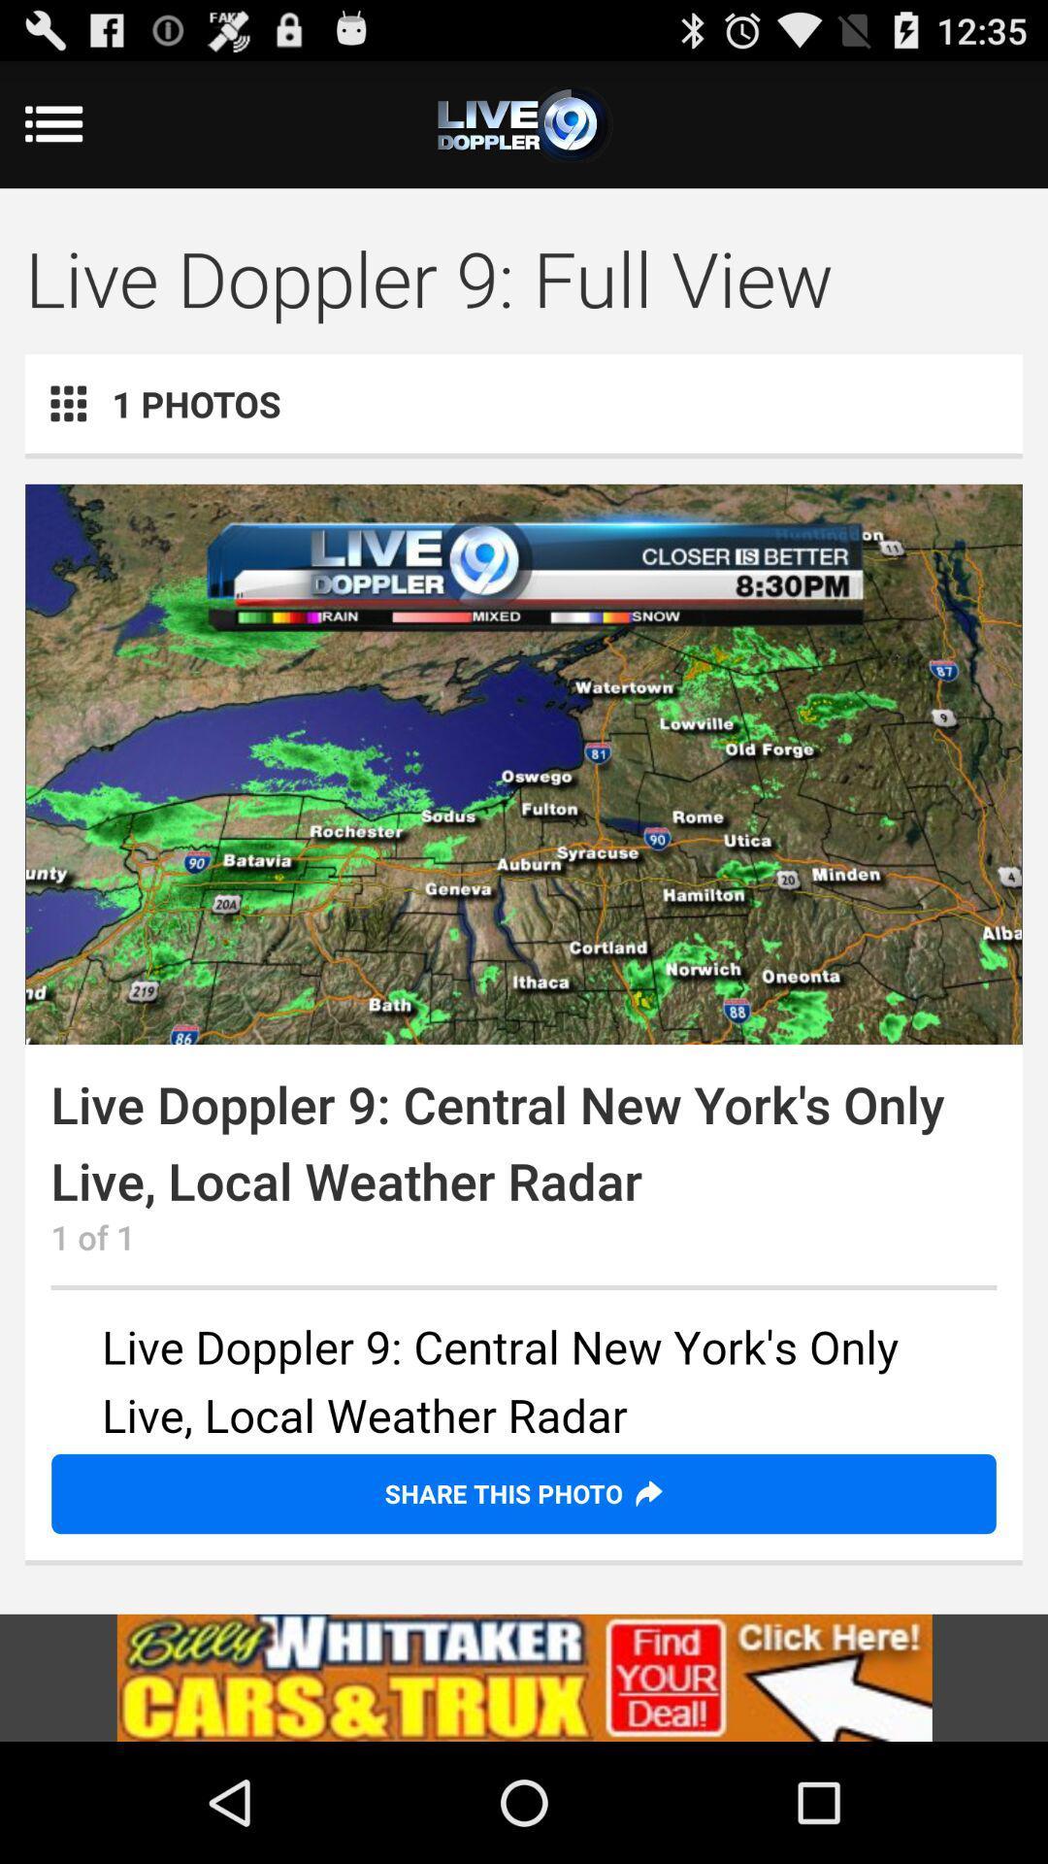  I want to click on go homepage, so click(524, 123).